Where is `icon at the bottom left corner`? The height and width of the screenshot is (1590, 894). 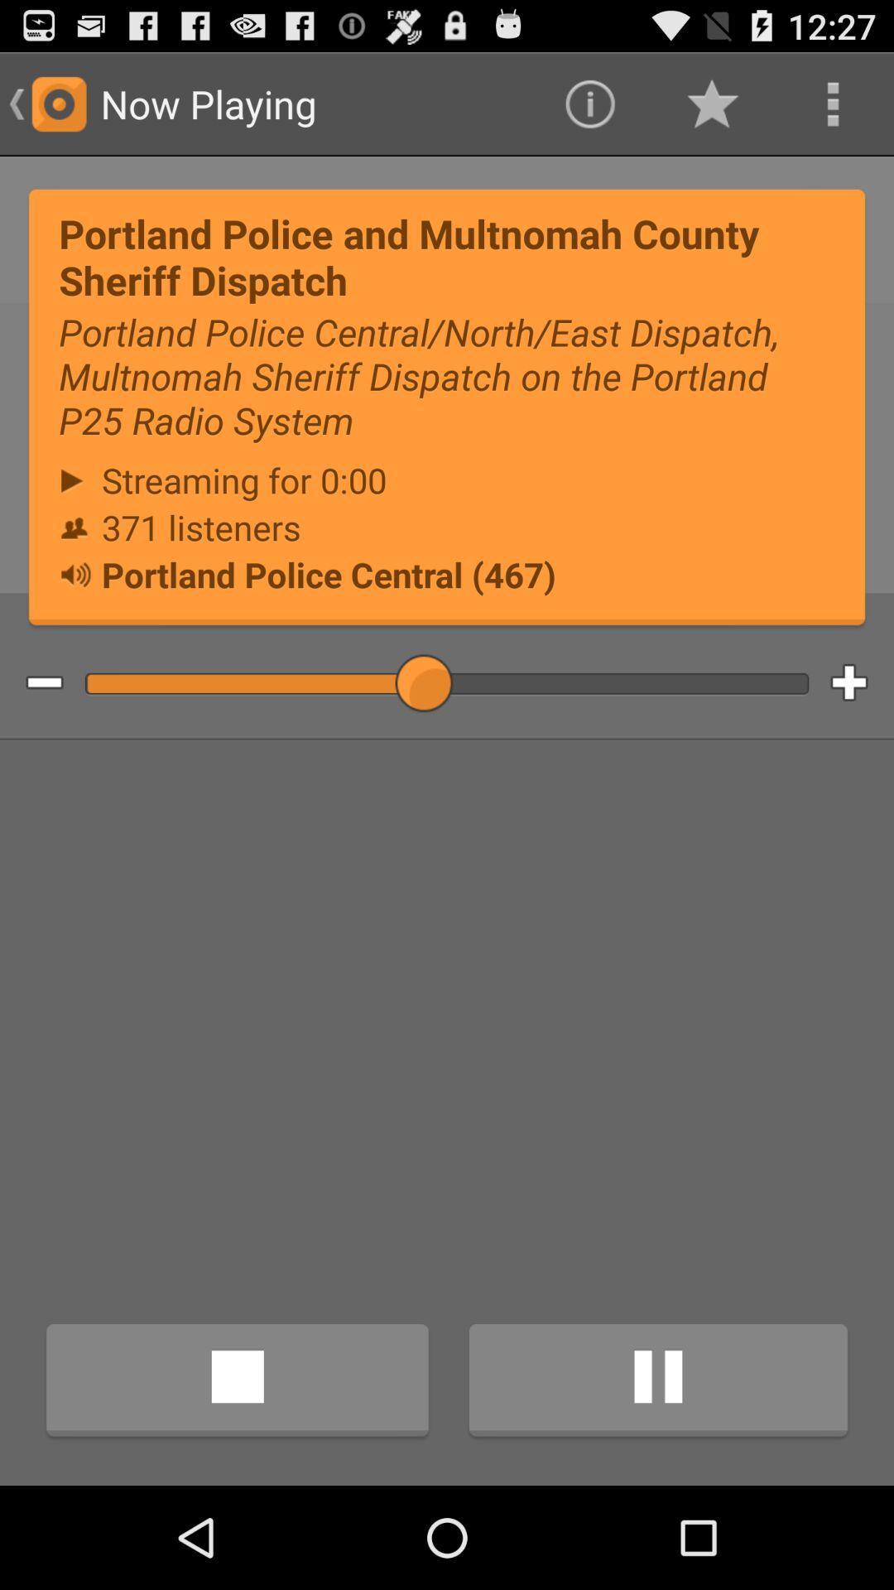 icon at the bottom left corner is located at coordinates (237, 1383).